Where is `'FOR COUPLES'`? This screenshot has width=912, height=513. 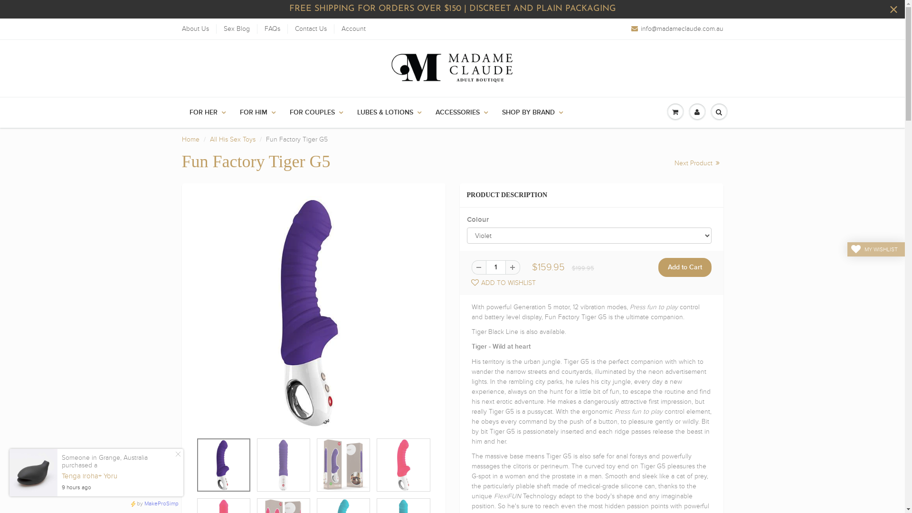 'FOR COUPLES' is located at coordinates (316, 112).